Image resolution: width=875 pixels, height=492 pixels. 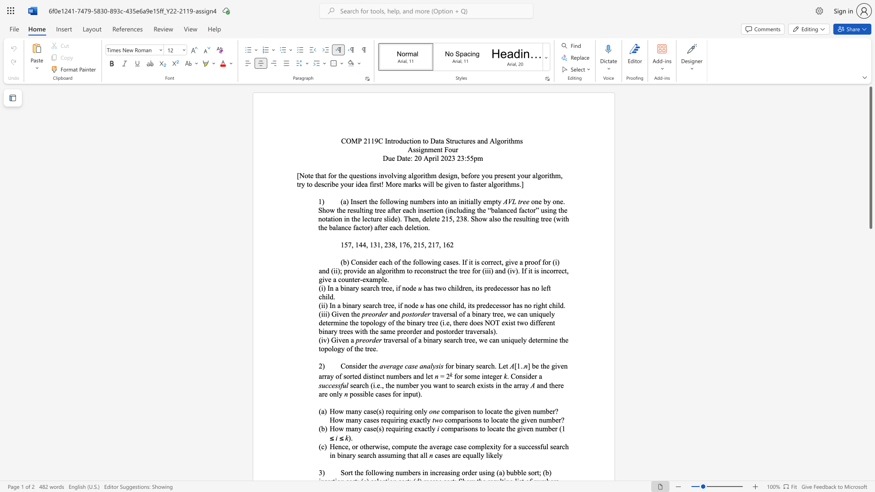 What do you see at coordinates (404, 365) in the screenshot?
I see `the subset text "case analys" within the text "average case analysis"` at bounding box center [404, 365].